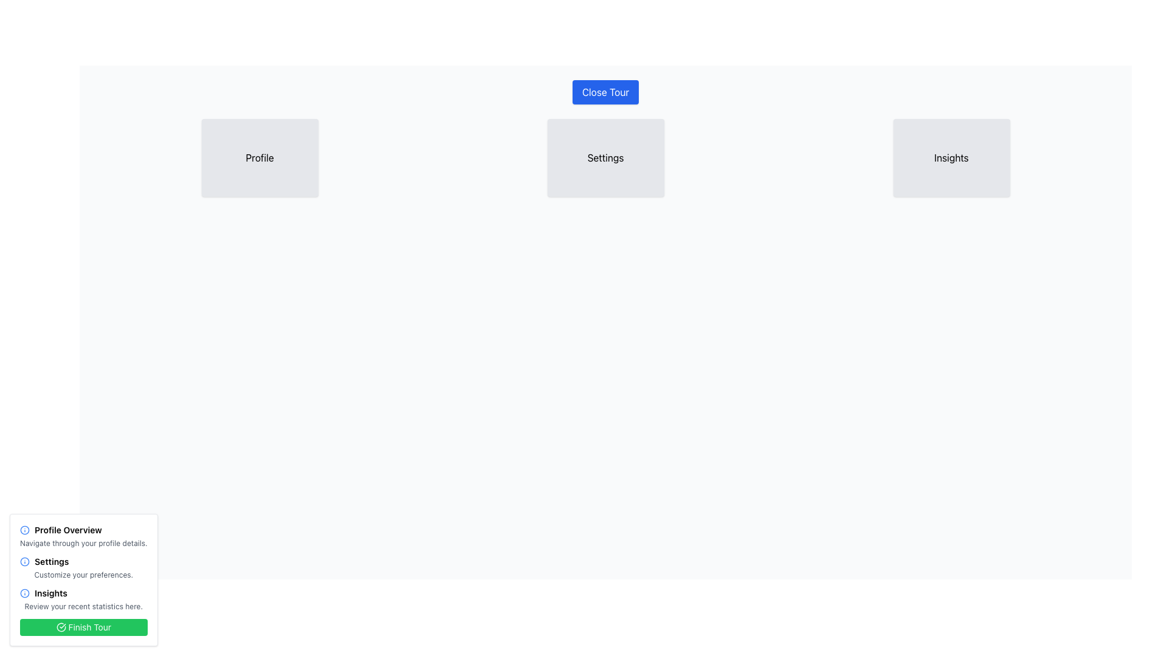 The height and width of the screenshot is (656, 1167). Describe the element at coordinates (605, 157) in the screenshot. I see `the 'Settings' button, which is a rectangular button with a light gray background, rounded corners, and shadow effect, located in the center of three buttons in a horizontal row` at that location.